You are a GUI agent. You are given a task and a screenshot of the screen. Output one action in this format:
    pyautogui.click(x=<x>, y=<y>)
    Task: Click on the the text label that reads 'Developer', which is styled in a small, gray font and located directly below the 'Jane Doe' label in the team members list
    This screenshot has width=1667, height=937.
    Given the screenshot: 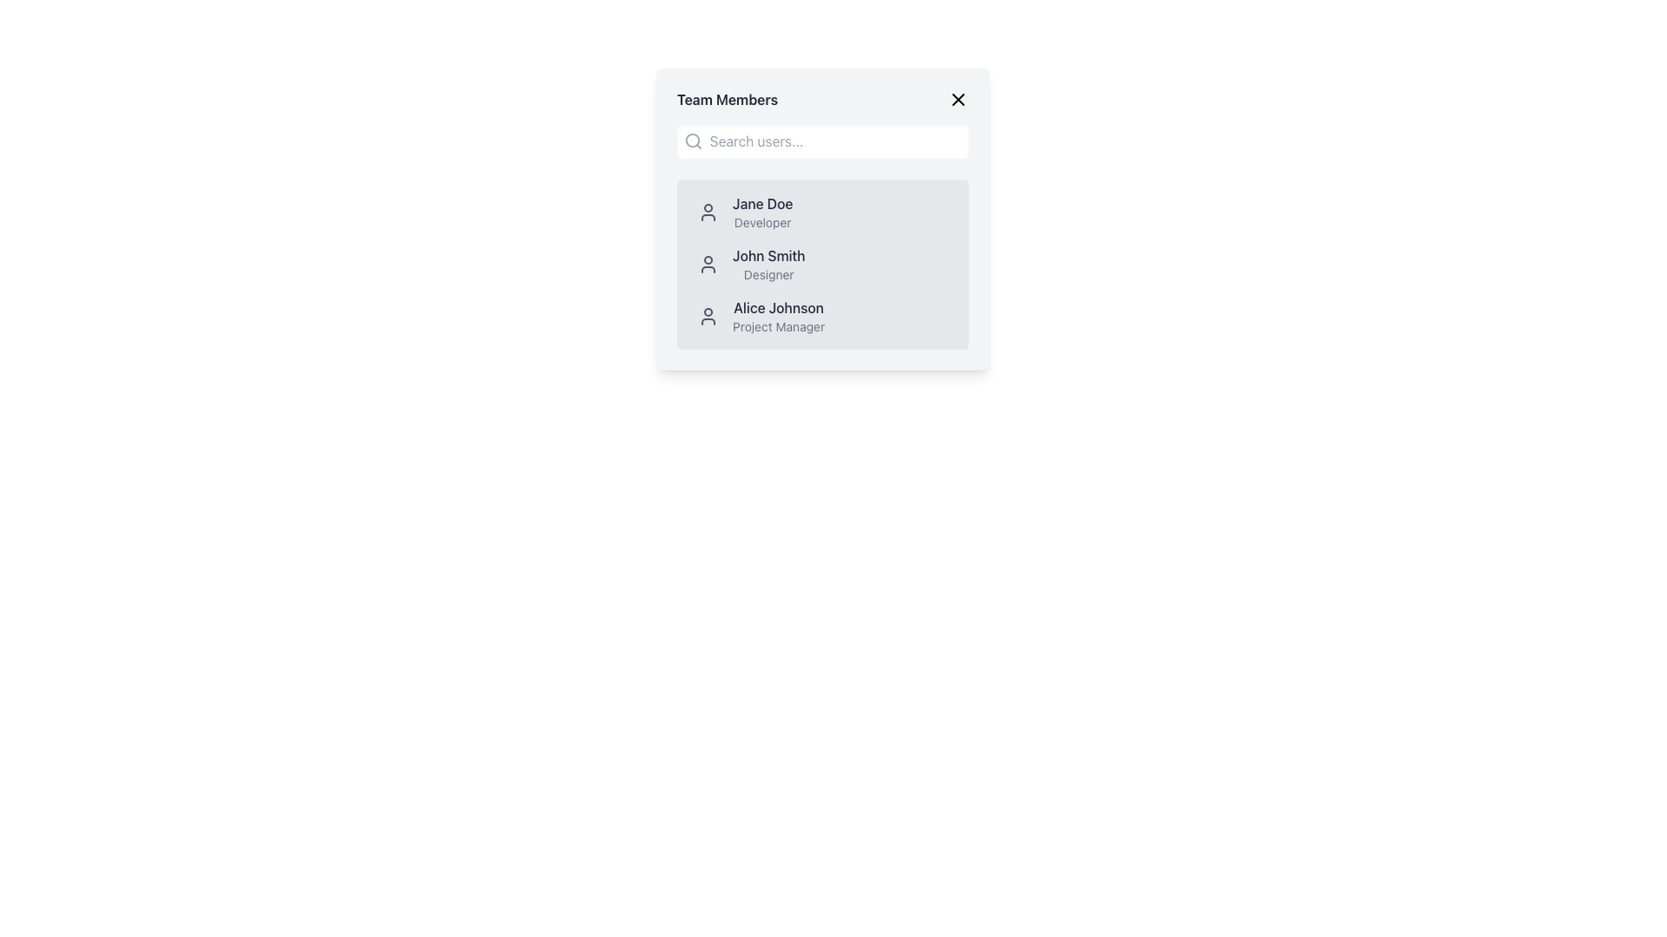 What is the action you would take?
    pyautogui.click(x=762, y=222)
    